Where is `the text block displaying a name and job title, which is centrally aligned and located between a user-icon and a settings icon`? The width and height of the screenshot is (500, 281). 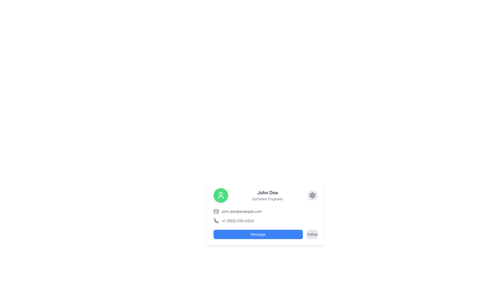 the text block displaying a name and job title, which is centrally aligned and located between a user-icon and a settings icon is located at coordinates (267, 195).